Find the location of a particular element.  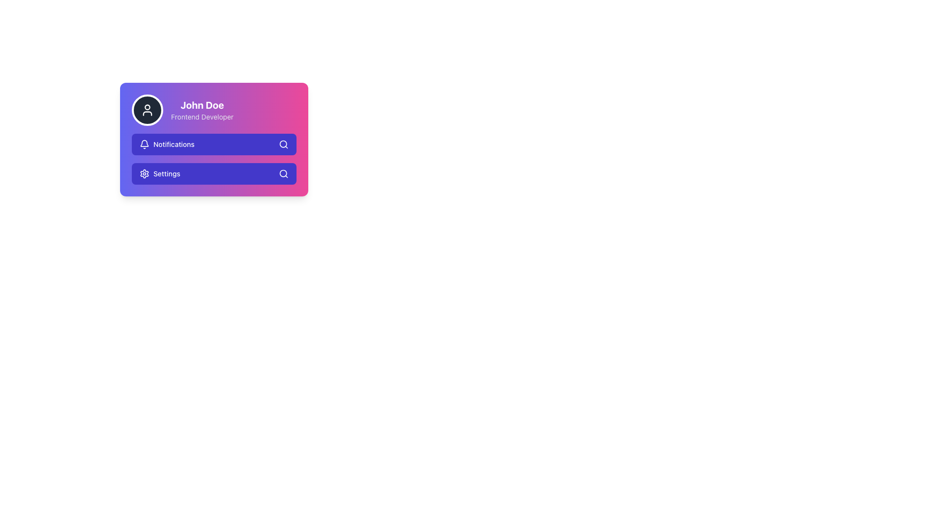

the second button under the 'Notifications' section is located at coordinates (213, 173).